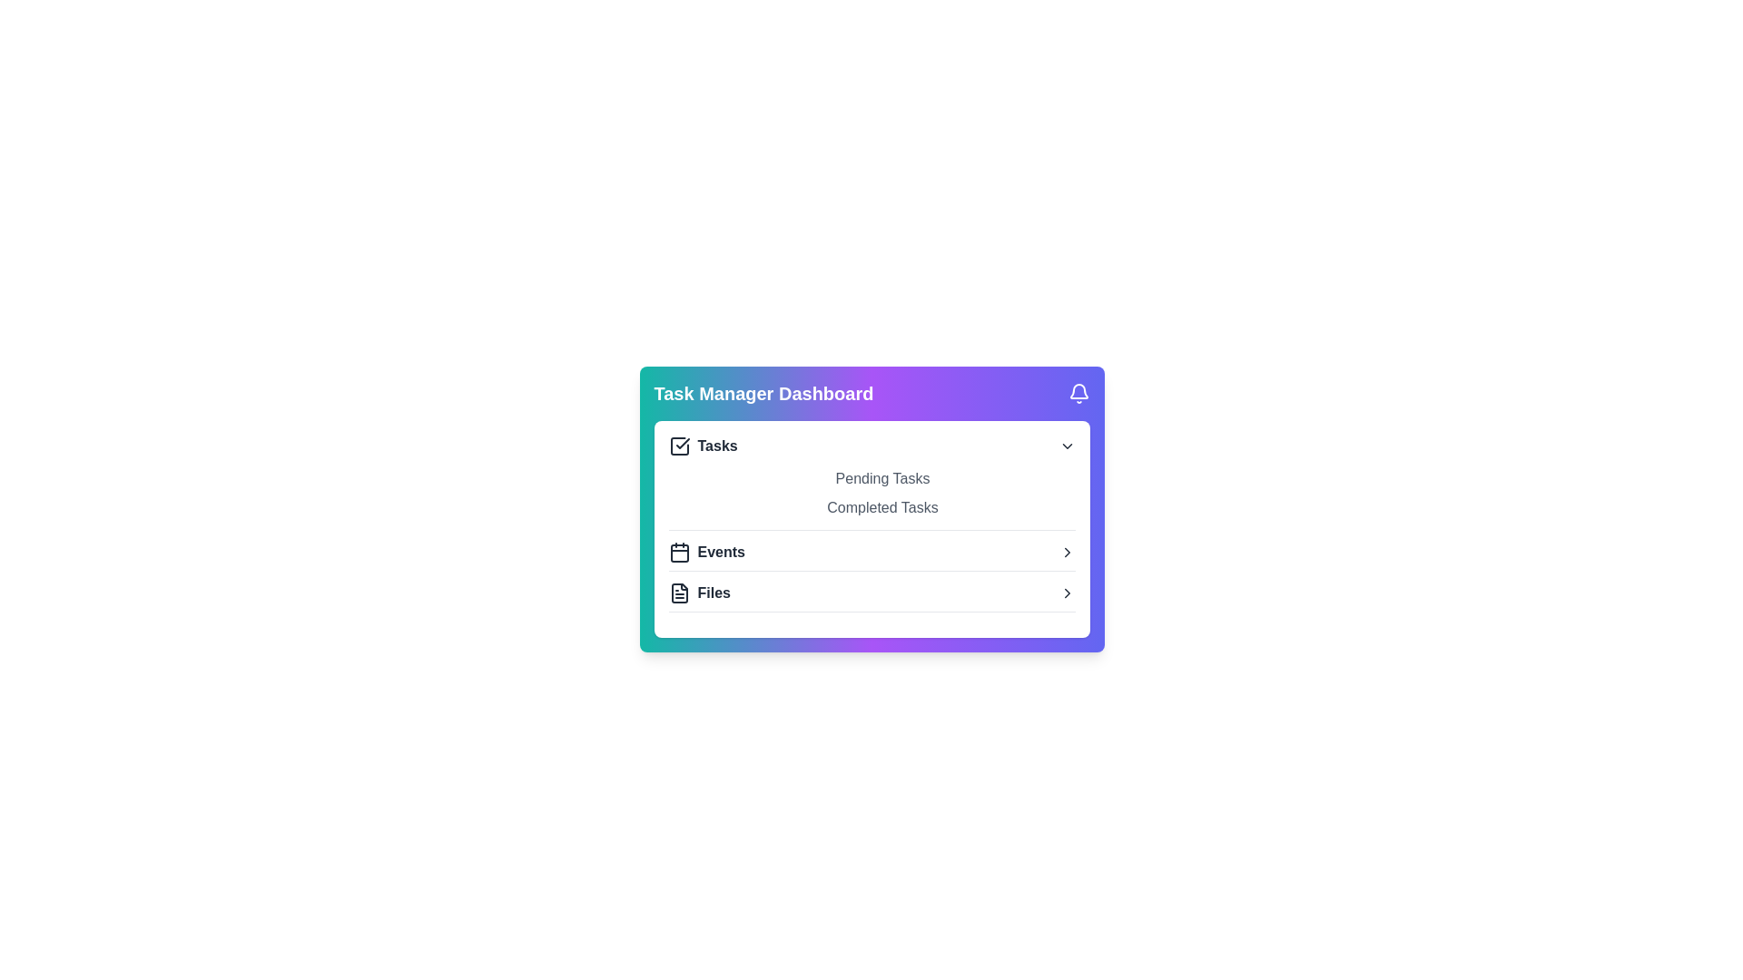  What do you see at coordinates (702, 446) in the screenshot?
I see `the 'Tasks' text, which is displayed in bold font and has a checkmark icon on its left` at bounding box center [702, 446].